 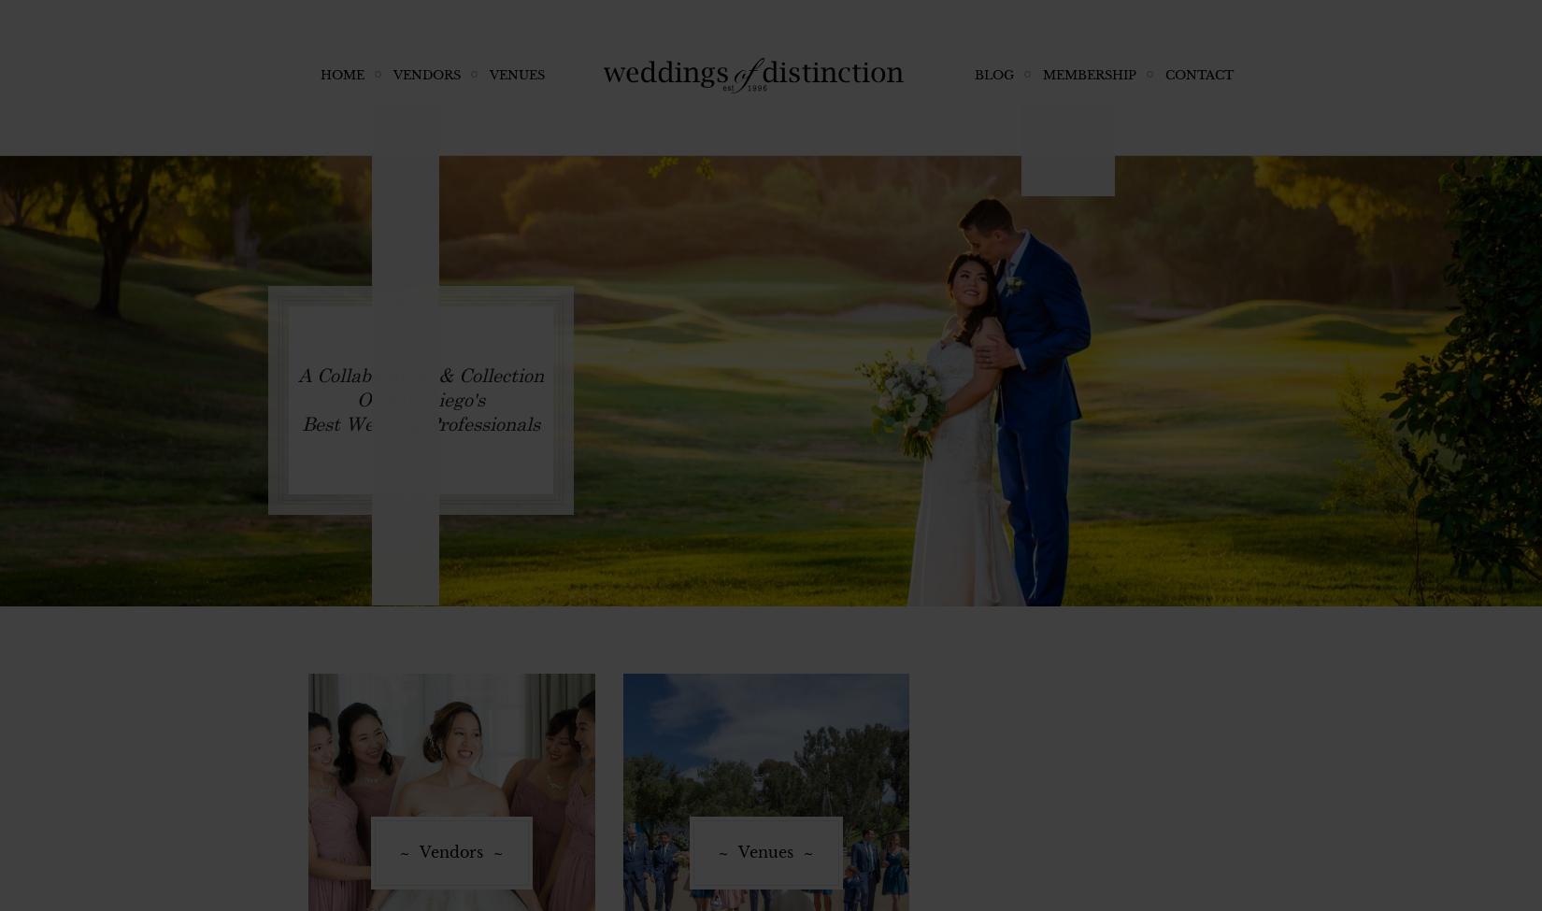 What do you see at coordinates (421, 145) in the screenshot?
I see `'Coordination'` at bounding box center [421, 145].